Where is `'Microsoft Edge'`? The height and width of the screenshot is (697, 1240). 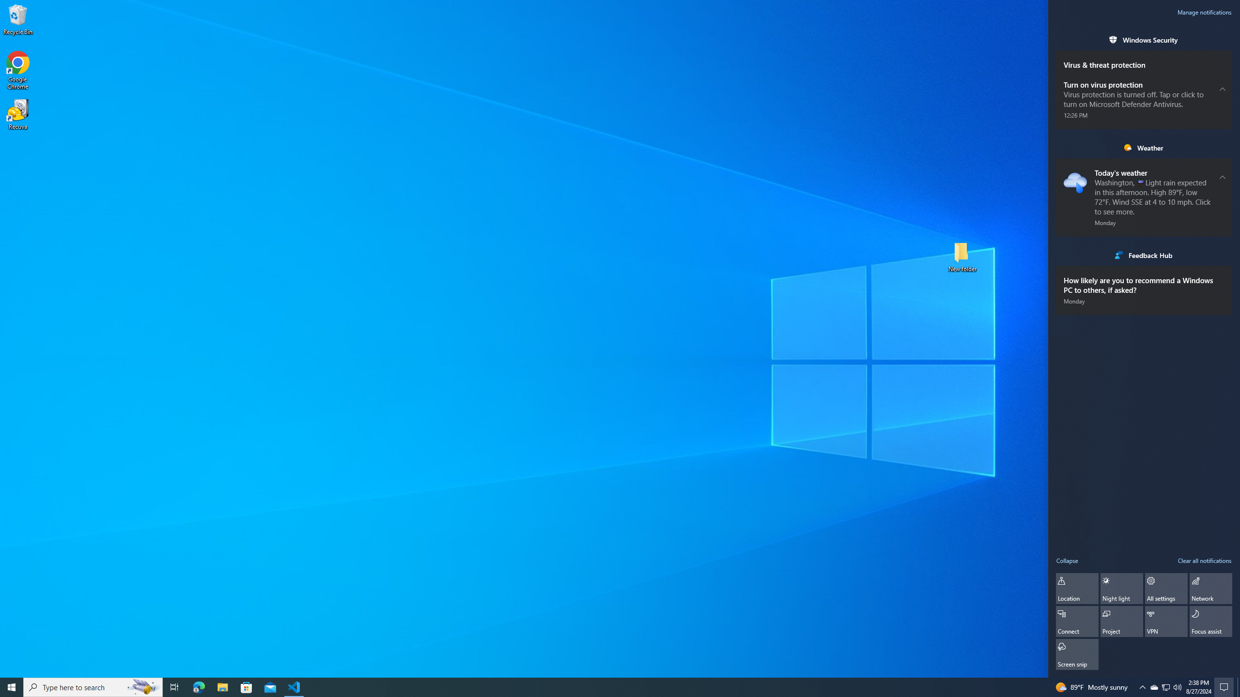
'Microsoft Edge' is located at coordinates (198, 686).